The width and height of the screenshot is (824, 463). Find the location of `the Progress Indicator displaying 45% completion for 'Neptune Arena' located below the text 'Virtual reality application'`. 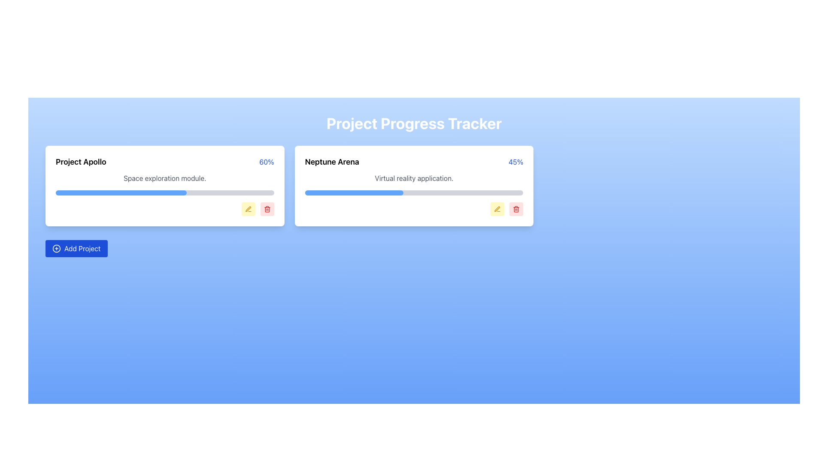

the Progress Indicator displaying 45% completion for 'Neptune Arena' located below the text 'Virtual reality application' is located at coordinates (354, 193).